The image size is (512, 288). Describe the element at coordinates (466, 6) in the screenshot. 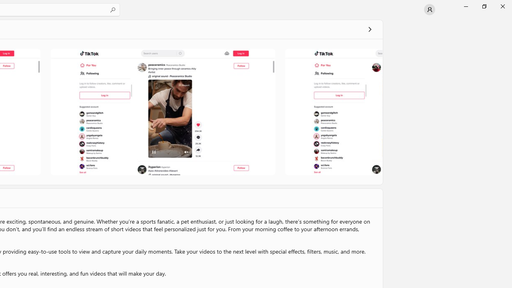

I see `'Minimize Microsoft Store'` at that location.